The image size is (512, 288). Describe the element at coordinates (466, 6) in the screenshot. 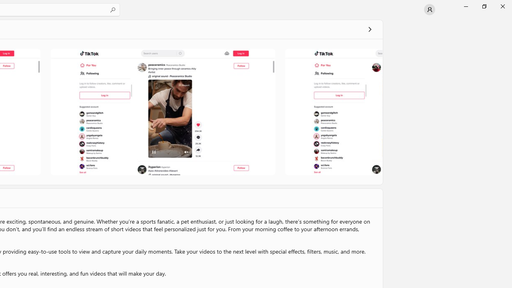

I see `'Minimize Microsoft Store'` at that location.